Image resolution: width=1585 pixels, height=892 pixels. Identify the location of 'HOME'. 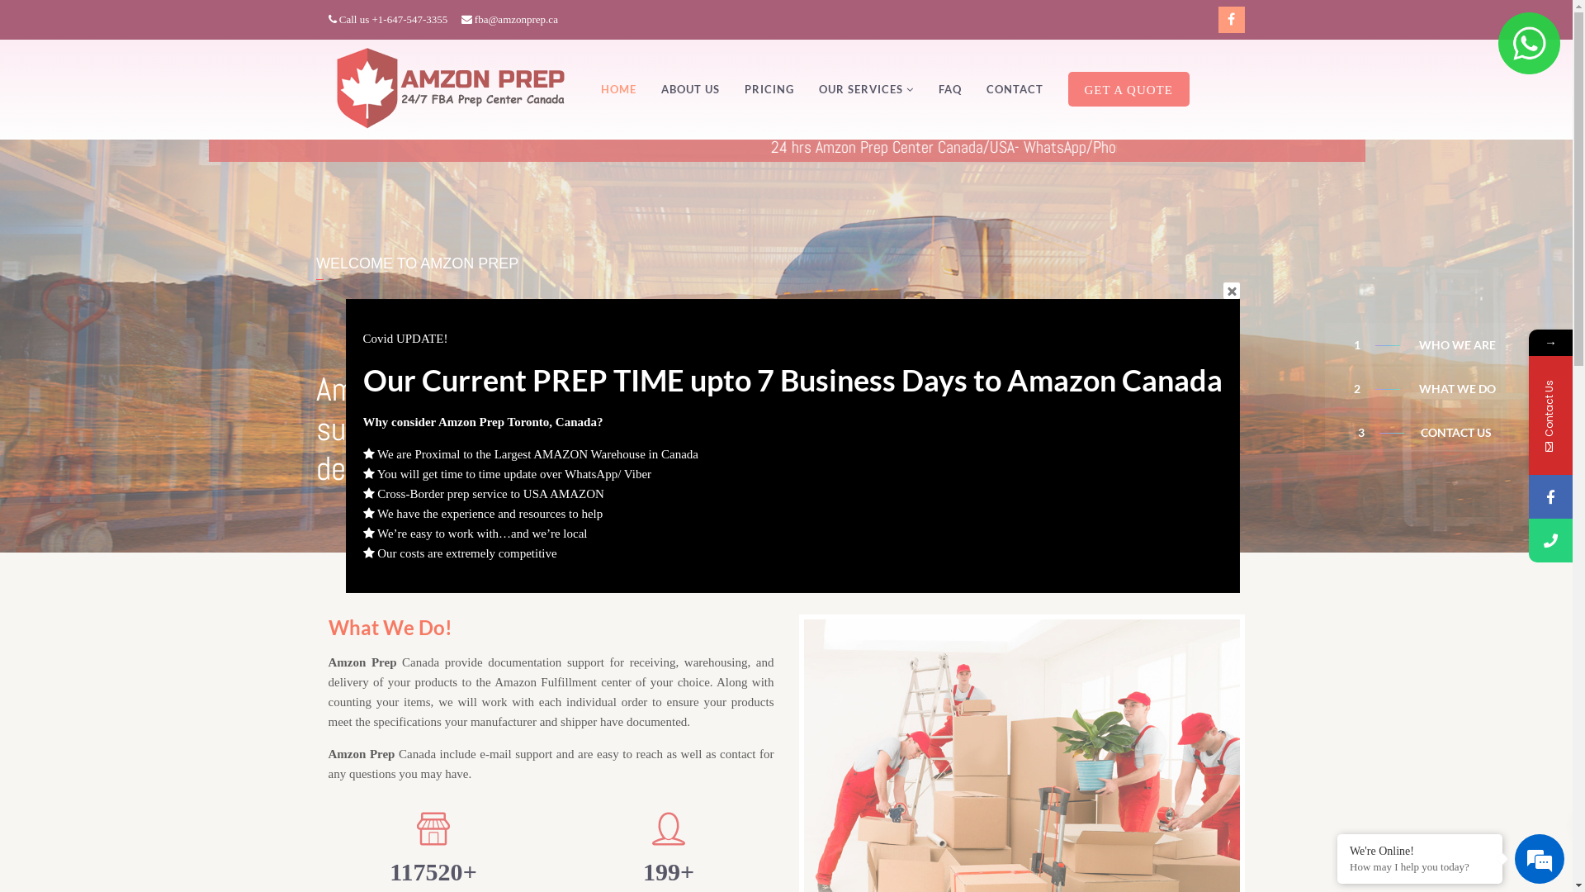
(617, 89).